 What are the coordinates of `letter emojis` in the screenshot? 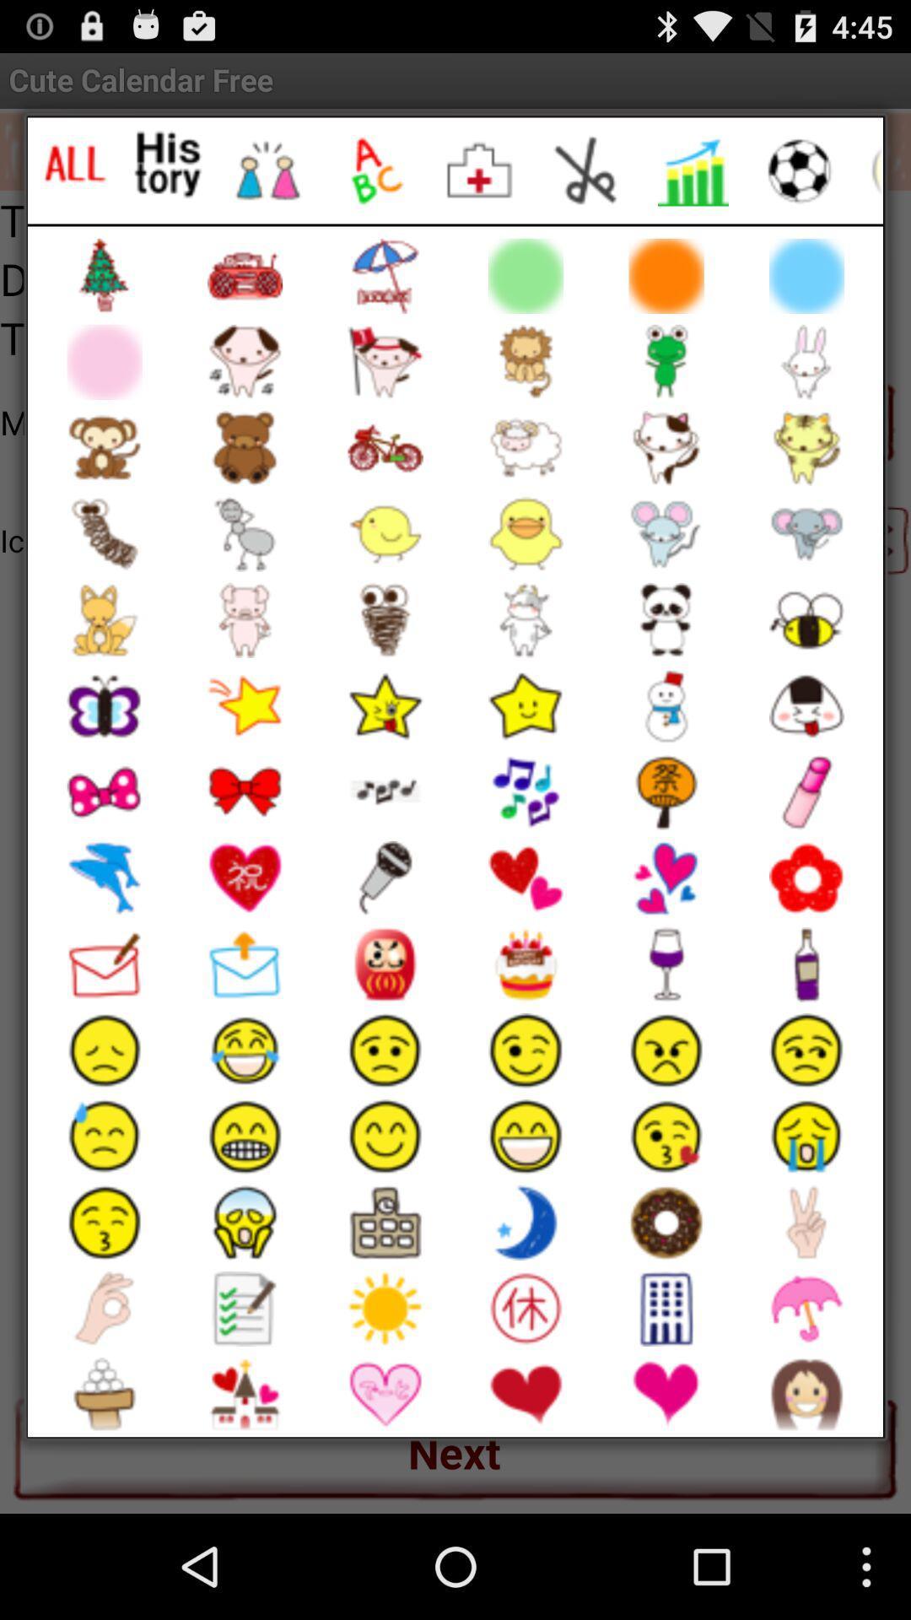 It's located at (373, 170).